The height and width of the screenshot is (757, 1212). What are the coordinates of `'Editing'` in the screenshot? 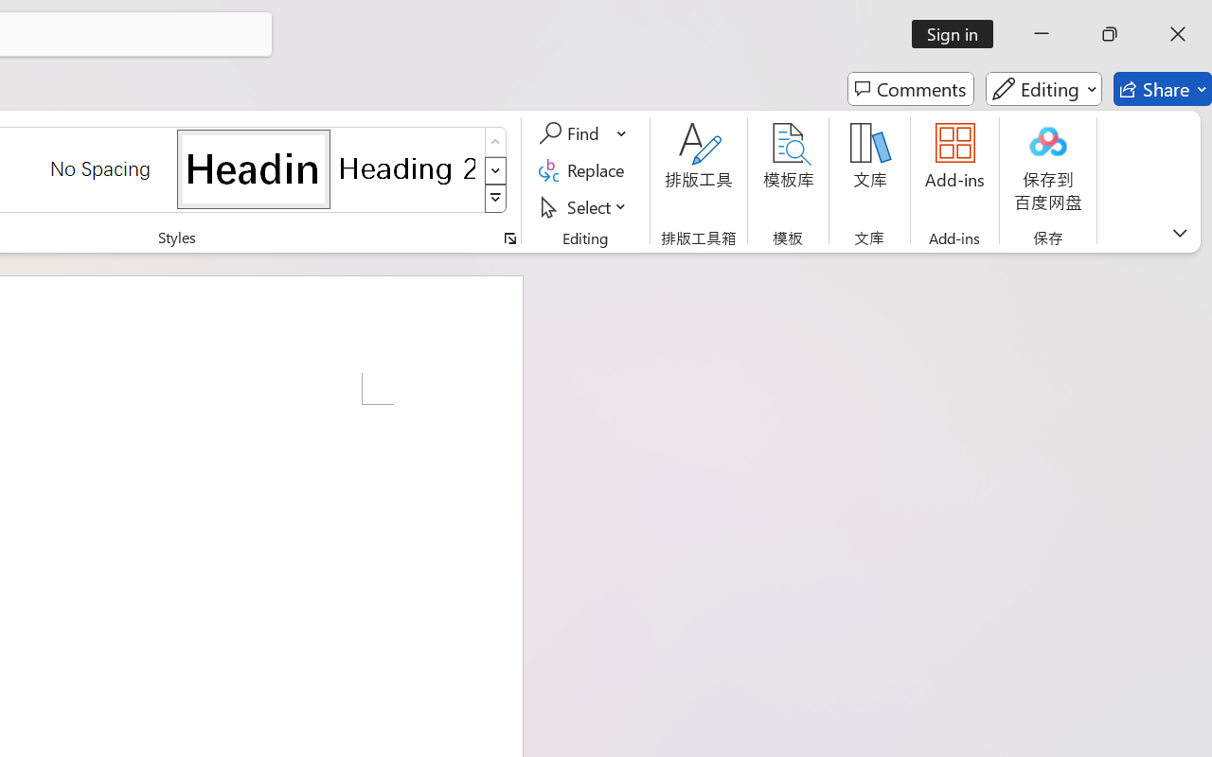 It's located at (1043, 89).